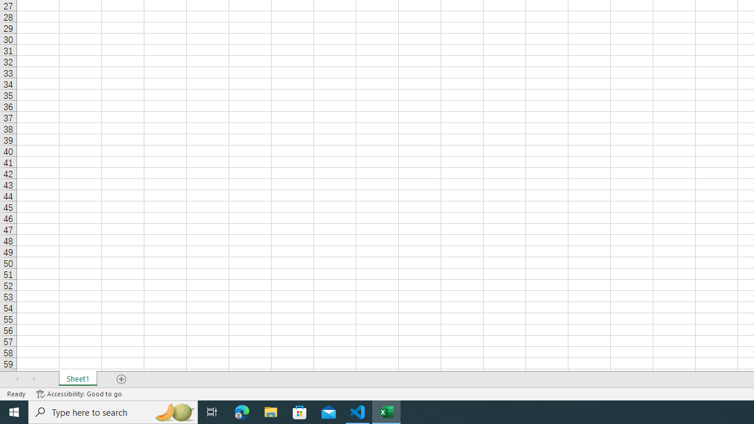 The height and width of the screenshot is (424, 754). What do you see at coordinates (34, 379) in the screenshot?
I see `'Scroll Right'` at bounding box center [34, 379].